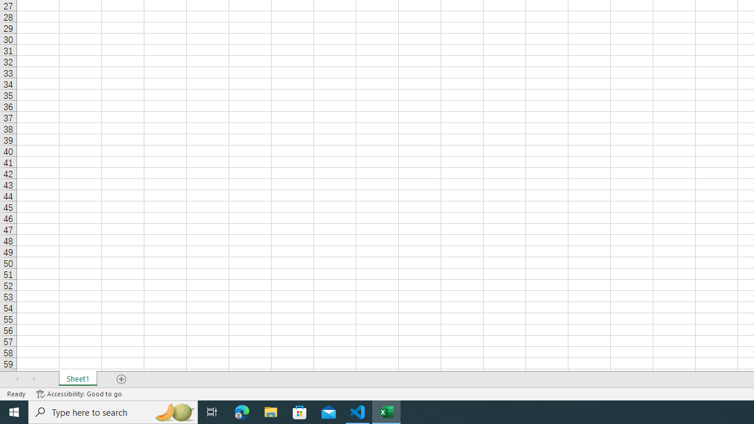 The height and width of the screenshot is (424, 754). What do you see at coordinates (34, 379) in the screenshot?
I see `'Scroll Right'` at bounding box center [34, 379].